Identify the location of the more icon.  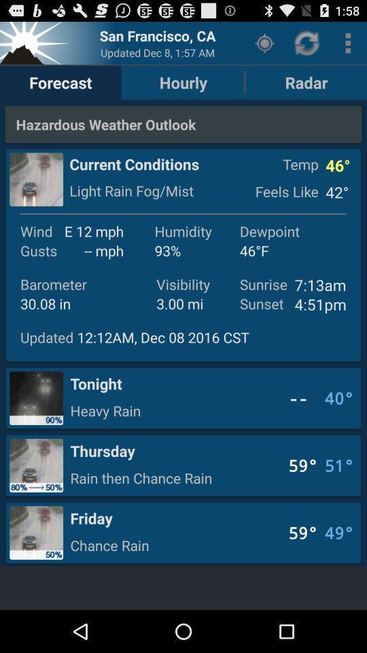
(348, 46).